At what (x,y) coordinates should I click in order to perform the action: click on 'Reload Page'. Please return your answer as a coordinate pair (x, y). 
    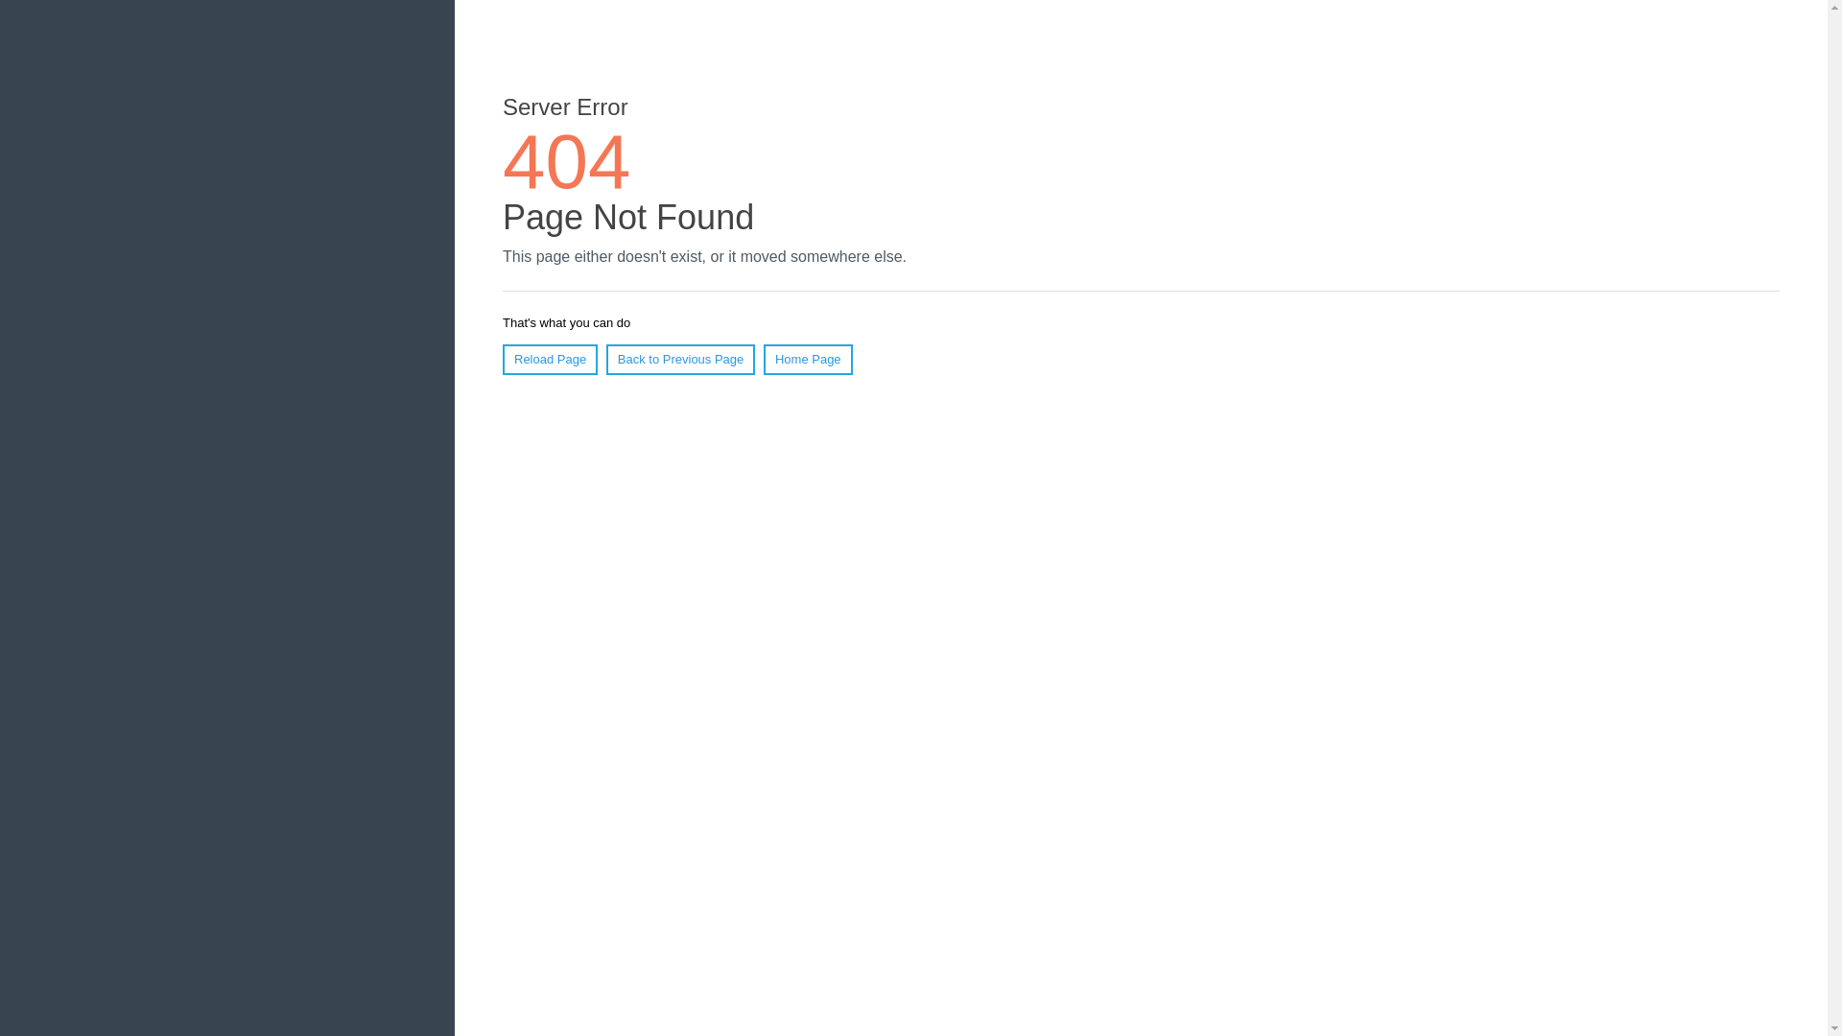
    Looking at the image, I should click on (502, 359).